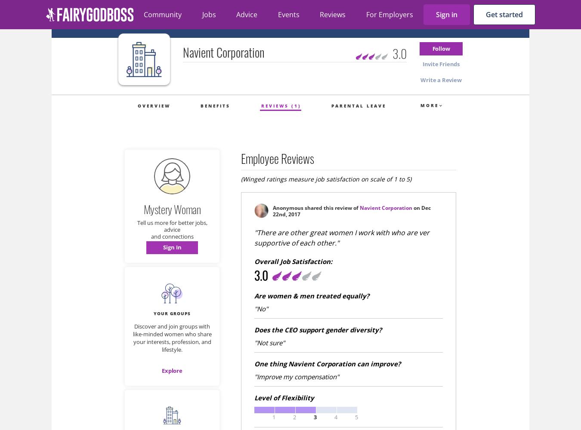 This screenshot has width=581, height=430. I want to click on 'Reviews', so click(332, 15).